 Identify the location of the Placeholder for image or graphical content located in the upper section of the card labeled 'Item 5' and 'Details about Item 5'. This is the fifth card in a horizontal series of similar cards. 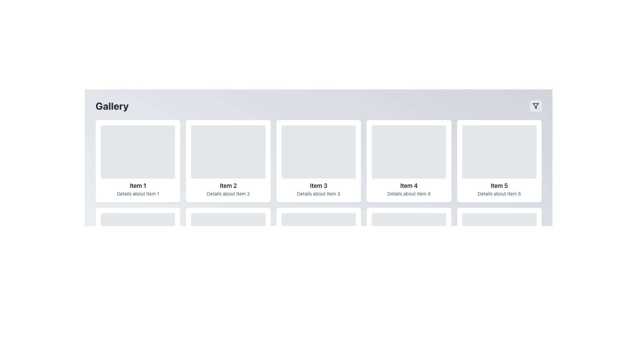
(499, 152).